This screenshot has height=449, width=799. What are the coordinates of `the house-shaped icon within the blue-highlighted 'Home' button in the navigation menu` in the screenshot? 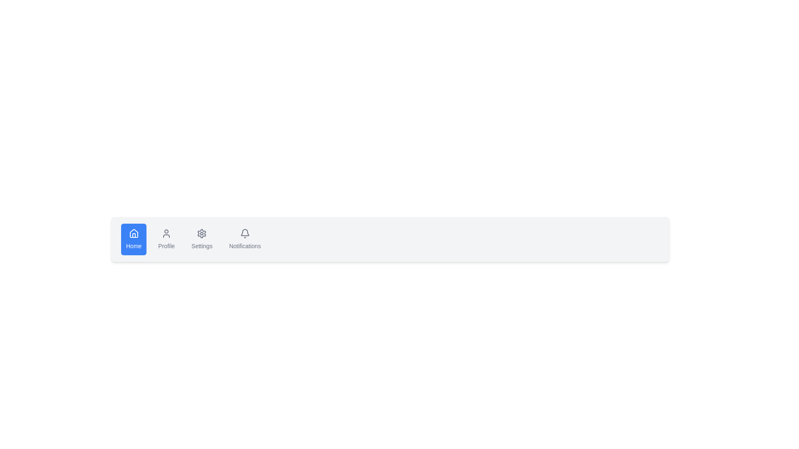 It's located at (134, 233).